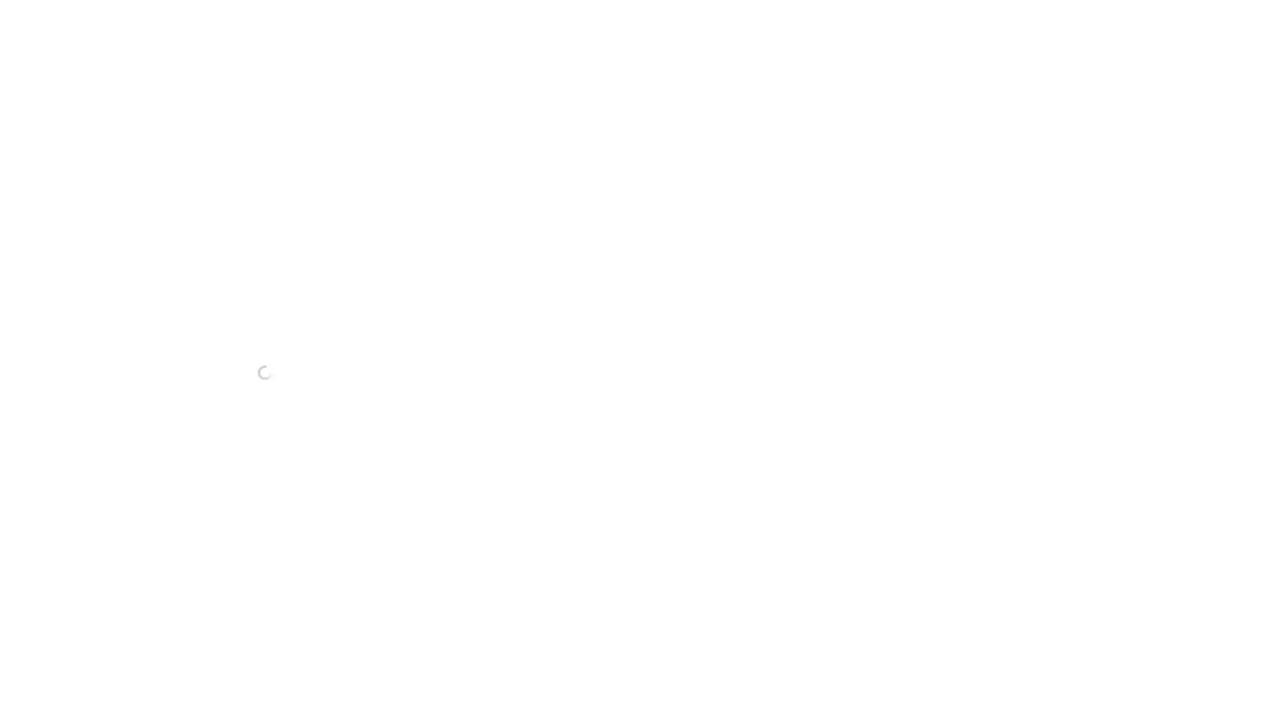 This screenshot has width=1272, height=715. What do you see at coordinates (221, 15) in the screenshot?
I see `Company Formation Process` at bounding box center [221, 15].